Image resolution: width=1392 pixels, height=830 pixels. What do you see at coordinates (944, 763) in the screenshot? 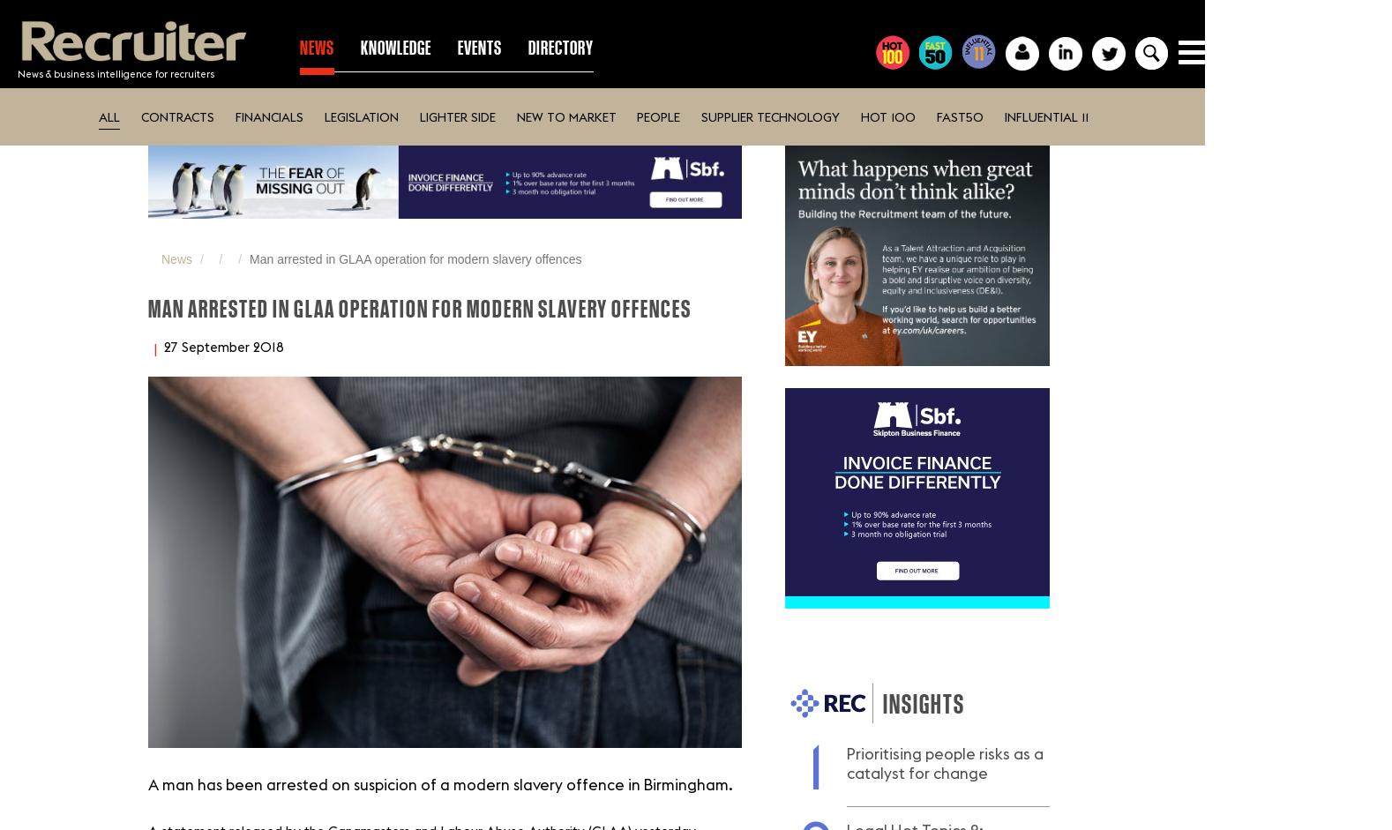
I see `'Prioritising people risks as a catalyst for change'` at bounding box center [944, 763].